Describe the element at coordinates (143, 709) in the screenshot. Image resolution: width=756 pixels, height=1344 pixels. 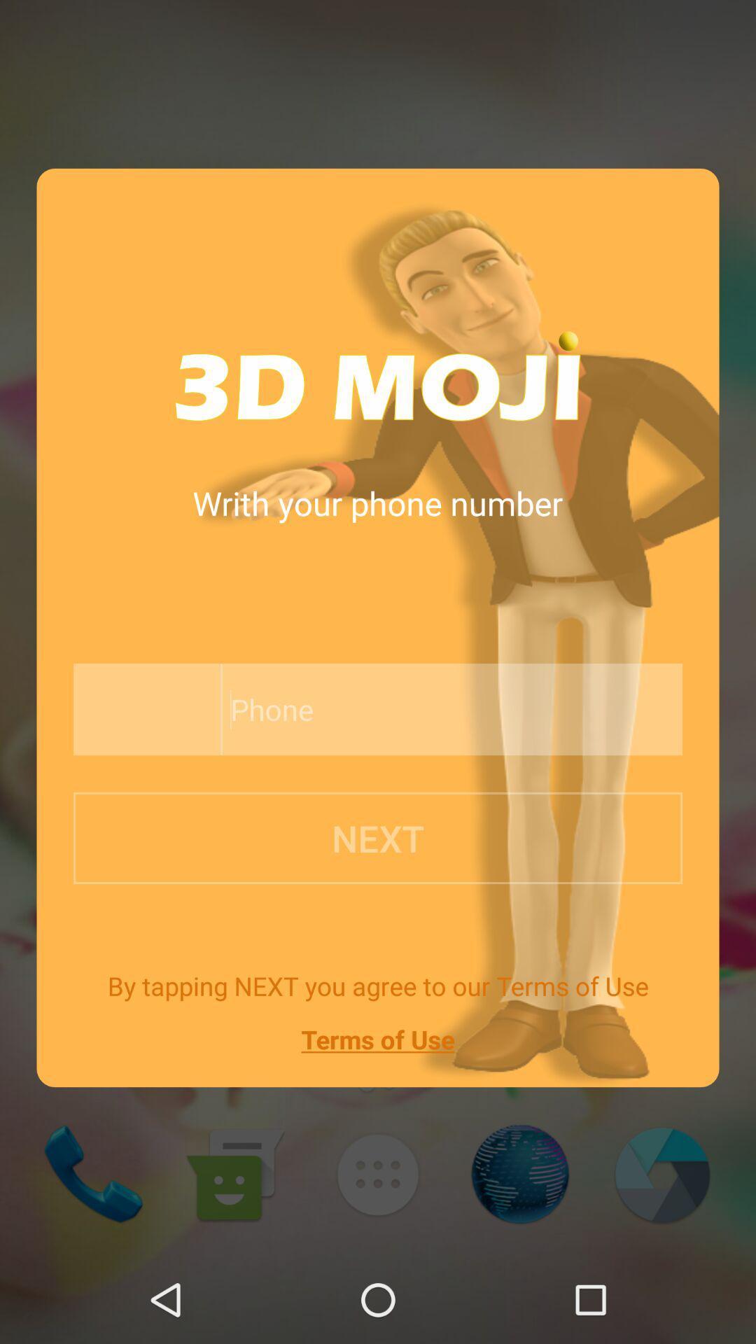
I see `the item below writh your phone app` at that location.